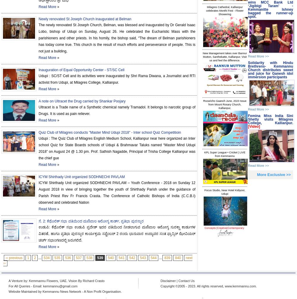 This screenshot has width=297, height=299. I want to click on 'ಸೆ. 2: ಕೆಥೊಲಿಕ್ ಸಭಾ ವತಿಯಿಂದ ಮಣಿಪಾಲ ಆರೋಗ್ಯ ಕಾರ್ಡ್, ಪ್ರತಿಭಾ ಪುರಸ್ಕಾರ', so click(91, 221).